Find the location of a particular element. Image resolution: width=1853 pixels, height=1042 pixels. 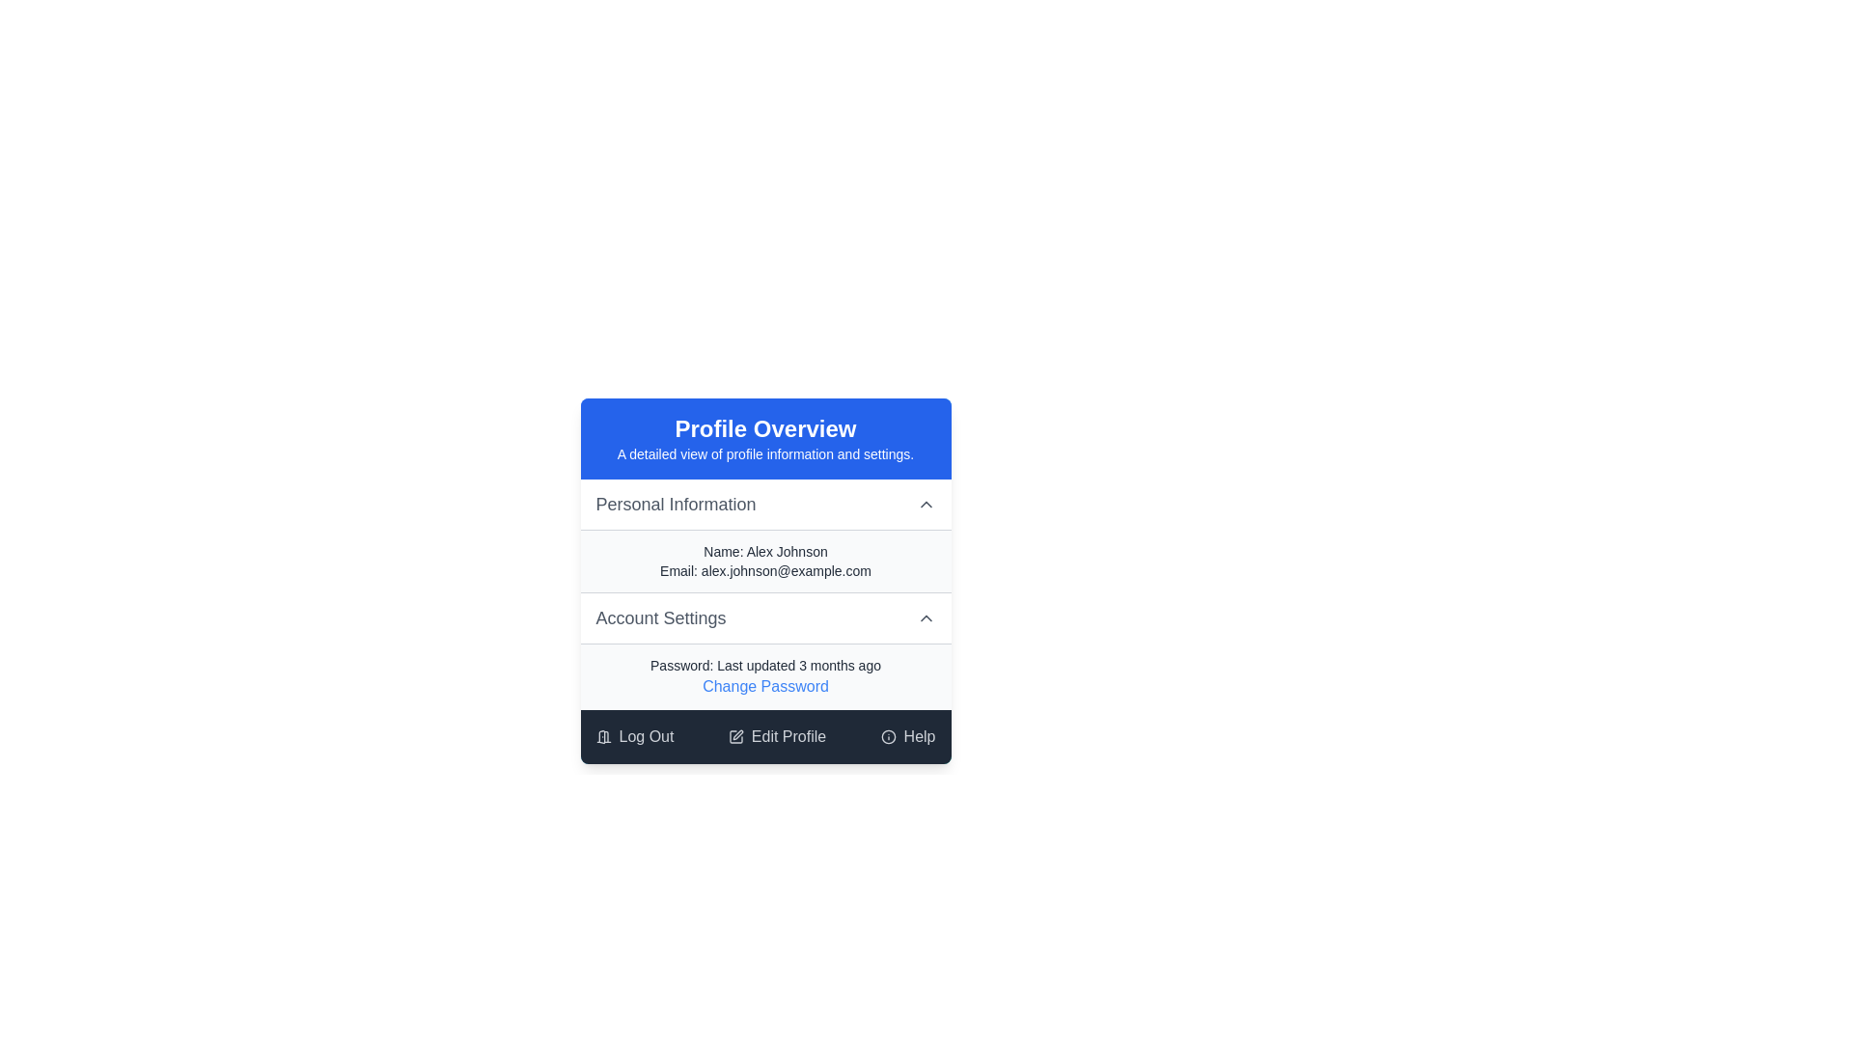

the edit profile SVG icon, which is the second button from the left in the bottom control panel of the dialog window is located at coordinates (736, 735).